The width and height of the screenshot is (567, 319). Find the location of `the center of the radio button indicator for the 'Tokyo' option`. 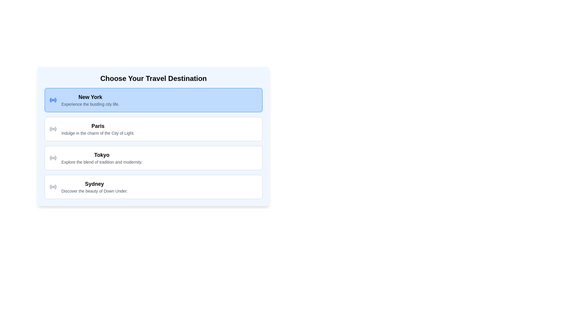

the center of the radio button indicator for the 'Tokyo' option is located at coordinates (53, 158).